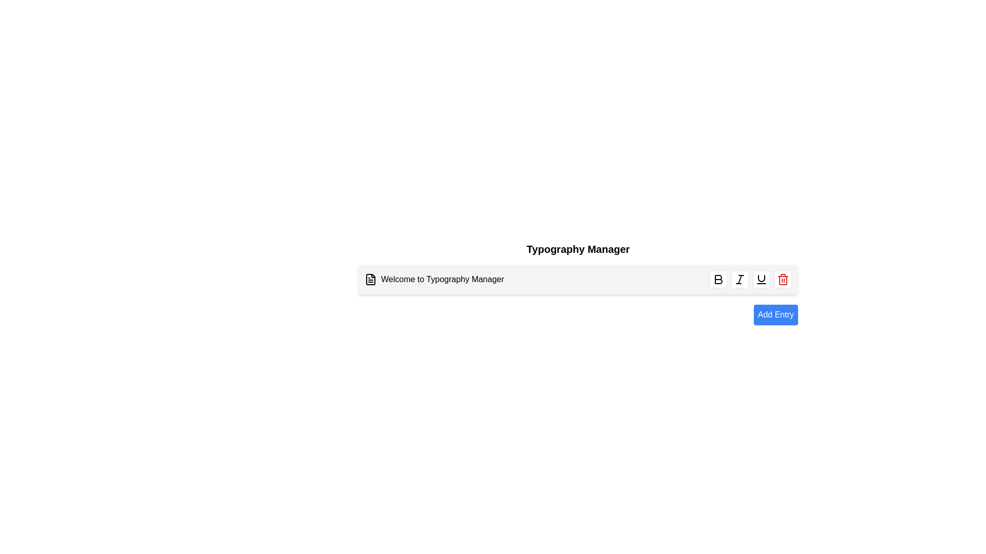 The image size is (986, 554). Describe the element at coordinates (783, 279) in the screenshot. I see `the Trash Icon located at the far right of the toolbar` at that location.